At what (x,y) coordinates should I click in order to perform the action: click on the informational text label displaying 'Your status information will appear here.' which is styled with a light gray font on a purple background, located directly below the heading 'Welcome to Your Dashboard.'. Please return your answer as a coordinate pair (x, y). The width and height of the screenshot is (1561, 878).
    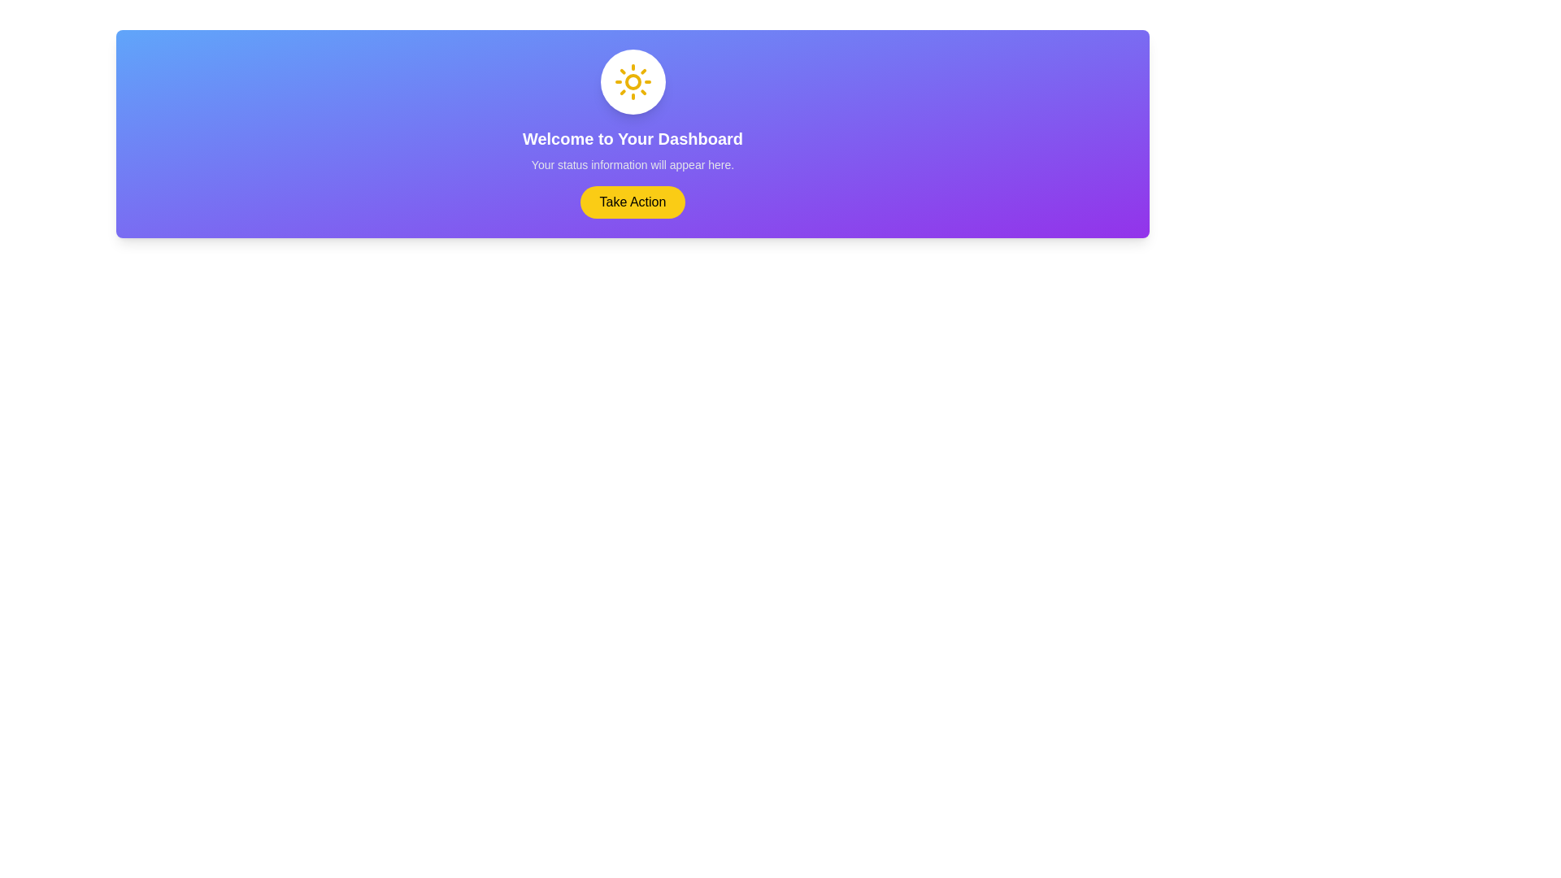
    Looking at the image, I should click on (632, 165).